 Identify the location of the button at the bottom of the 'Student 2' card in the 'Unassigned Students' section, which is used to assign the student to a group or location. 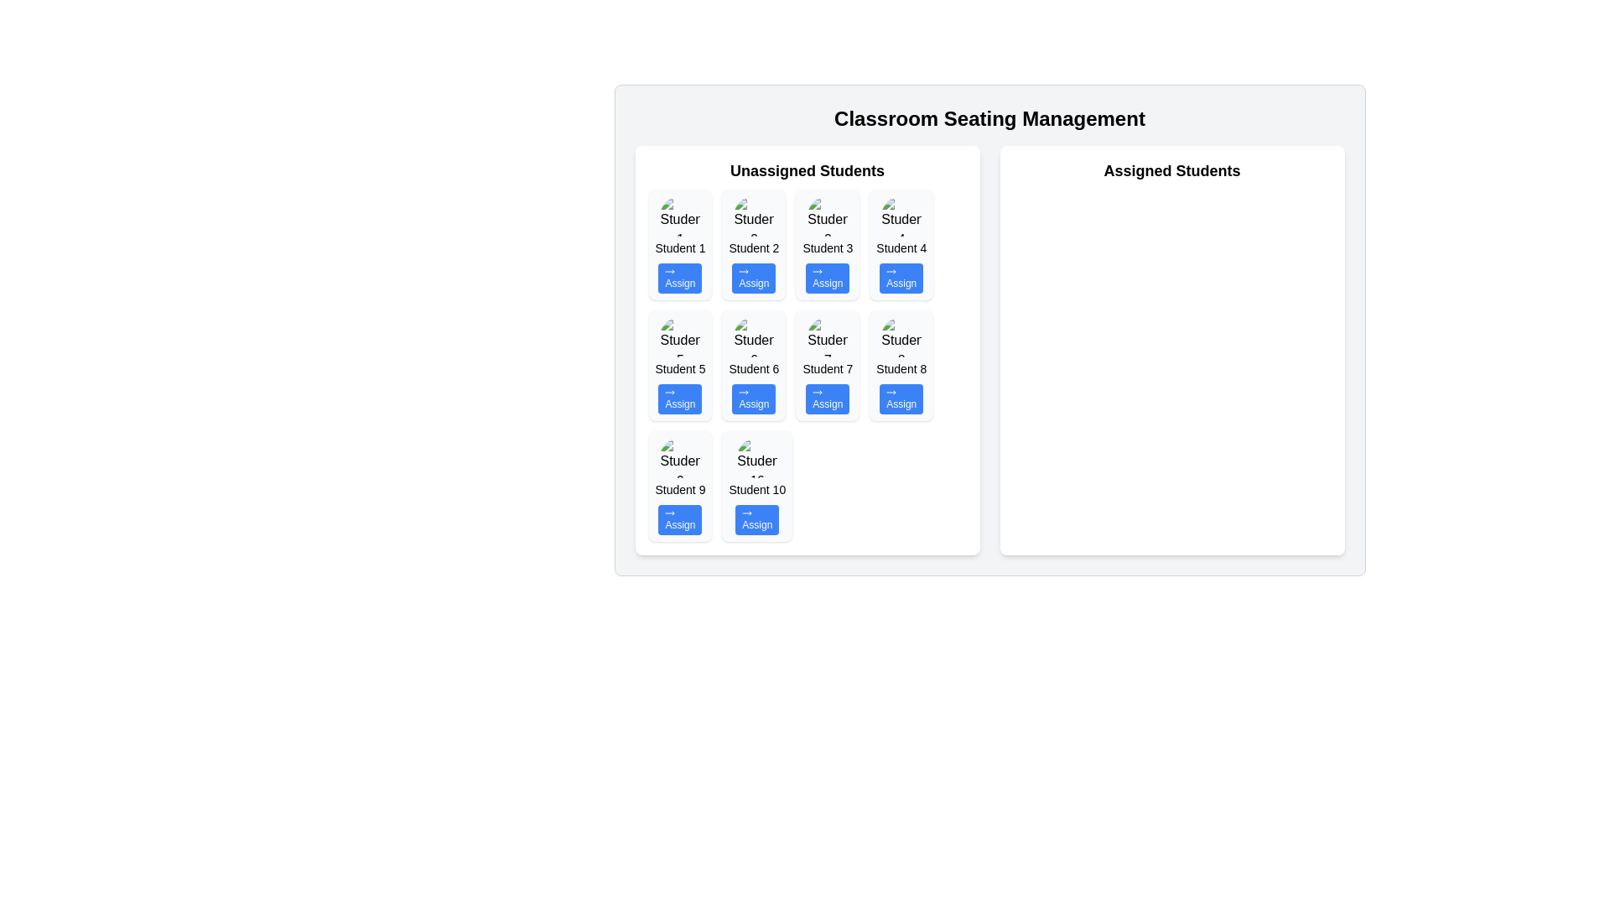
(753, 277).